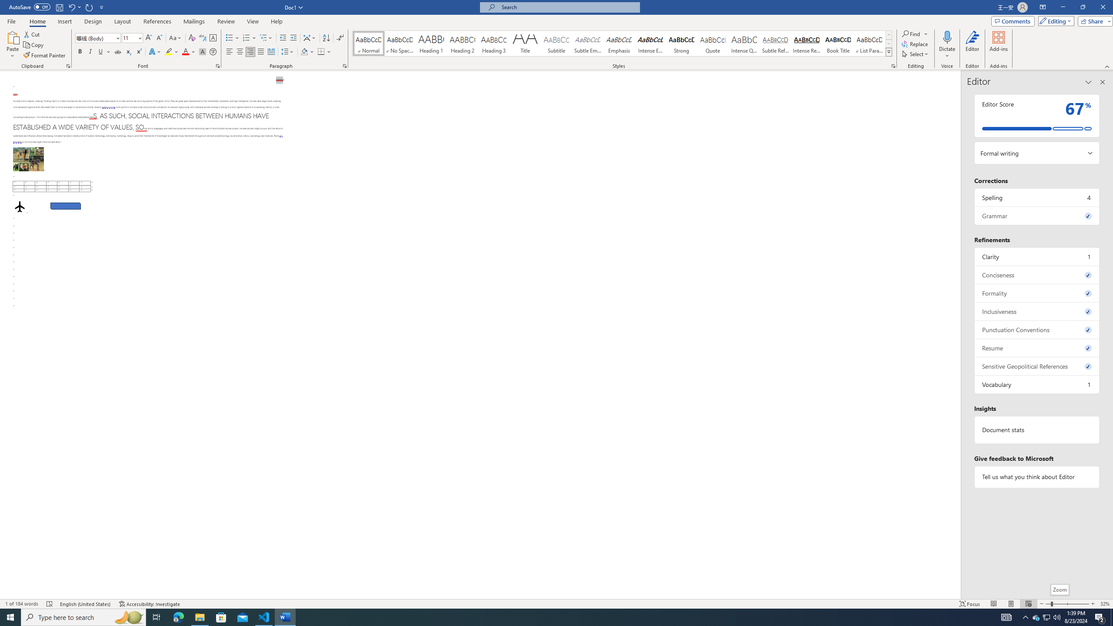 This screenshot has width=1113, height=626. What do you see at coordinates (682, 43) in the screenshot?
I see `'Strong'` at bounding box center [682, 43].